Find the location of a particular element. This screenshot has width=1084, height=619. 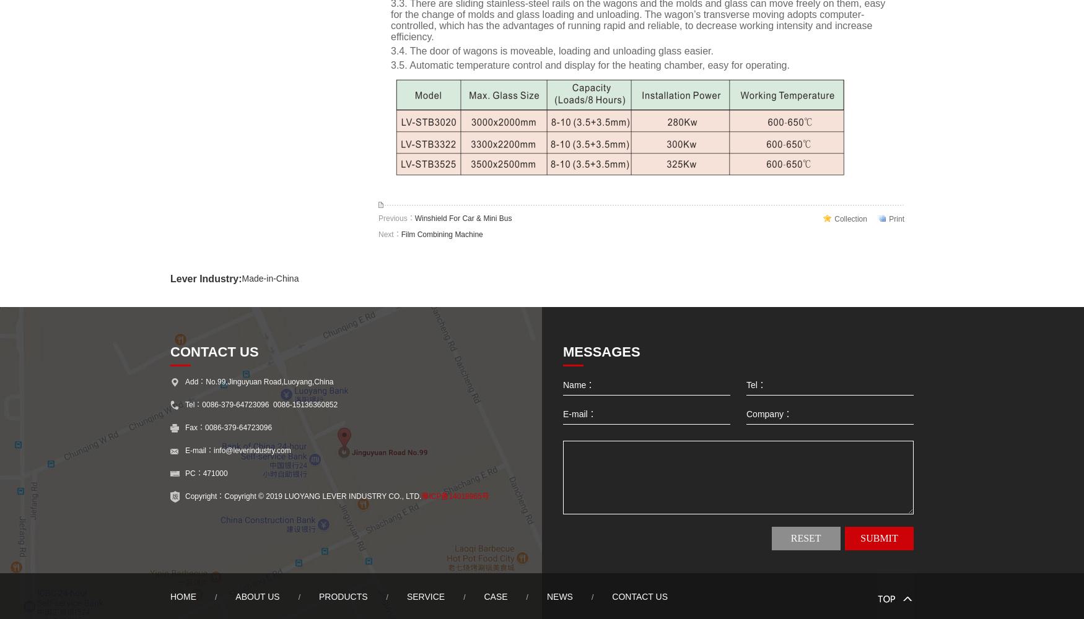

'Made-in-China' is located at coordinates (269, 278).